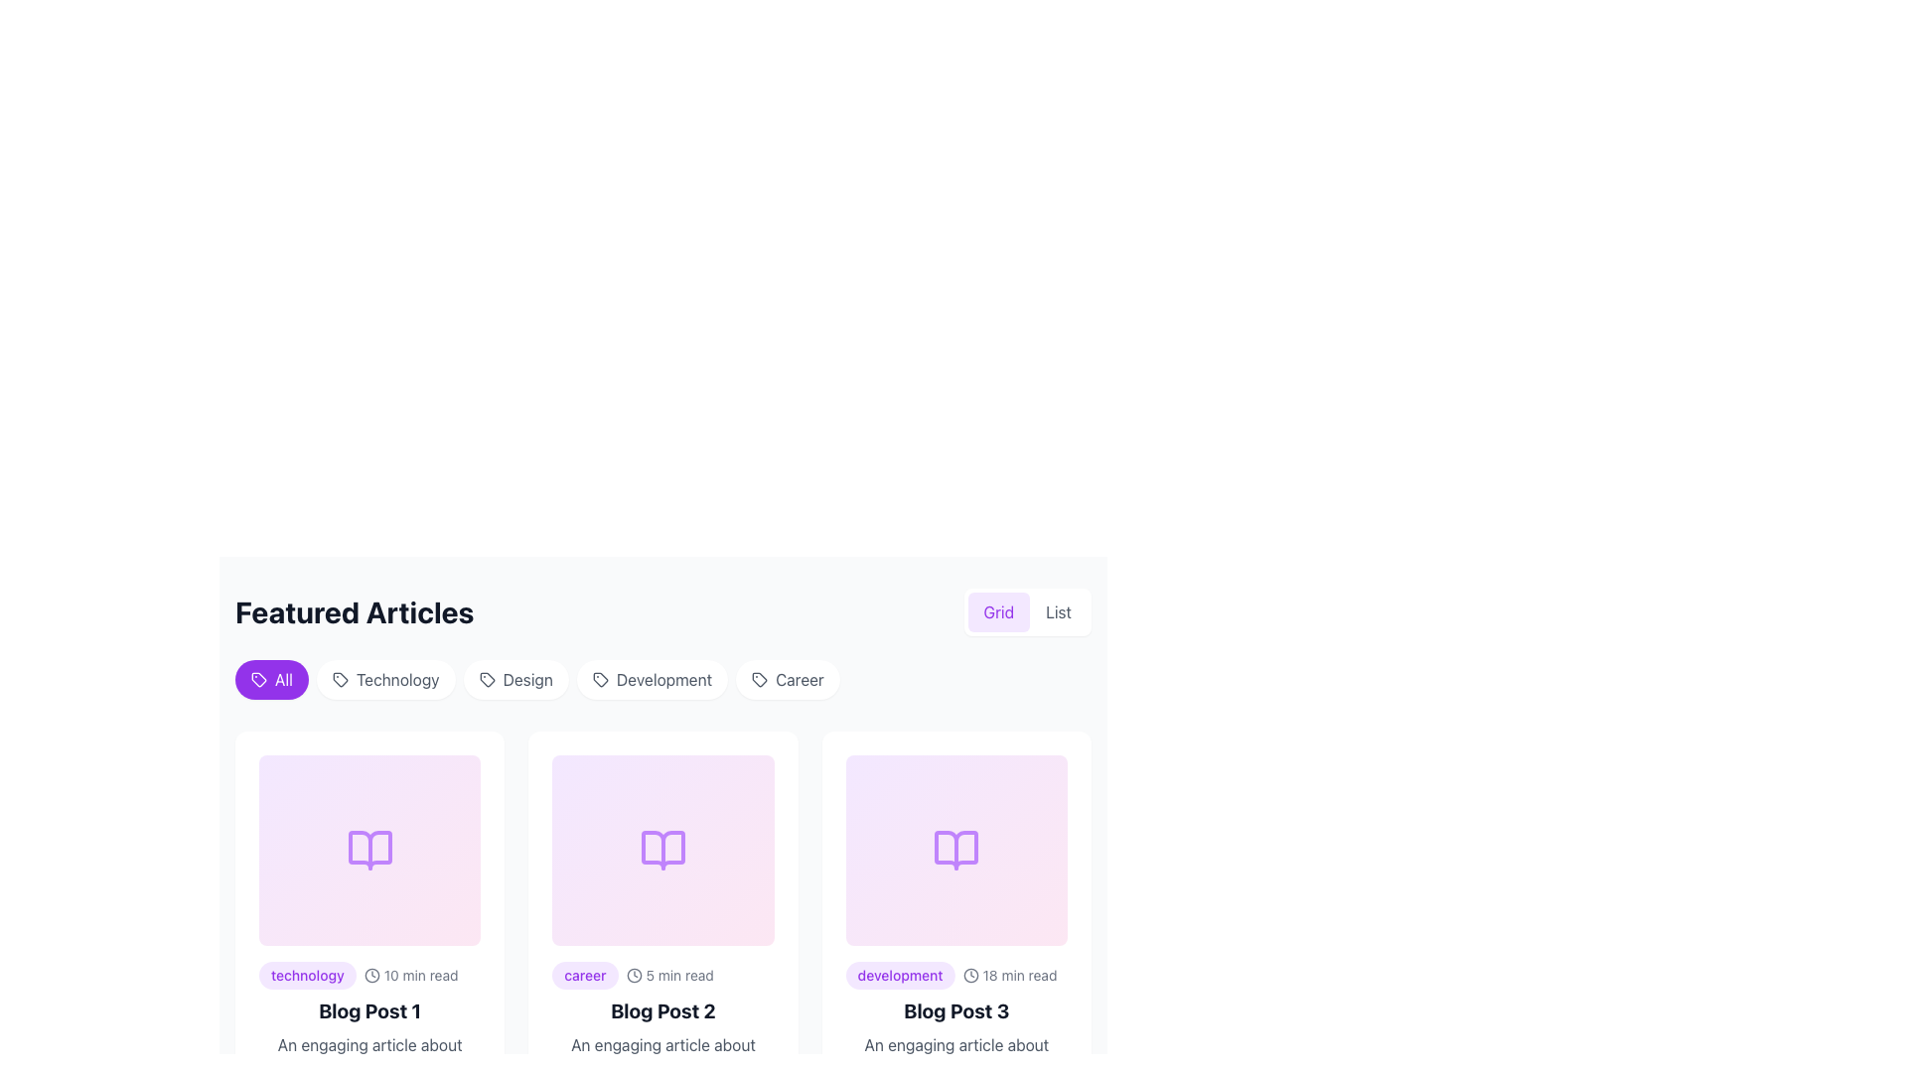 This screenshot has width=1907, height=1072. Describe the element at coordinates (669, 975) in the screenshot. I see `estimated reading time text located within the 'Blog Post 2' card under the 'Featured Articles' section, positioned beneath the 'career' tag` at that location.